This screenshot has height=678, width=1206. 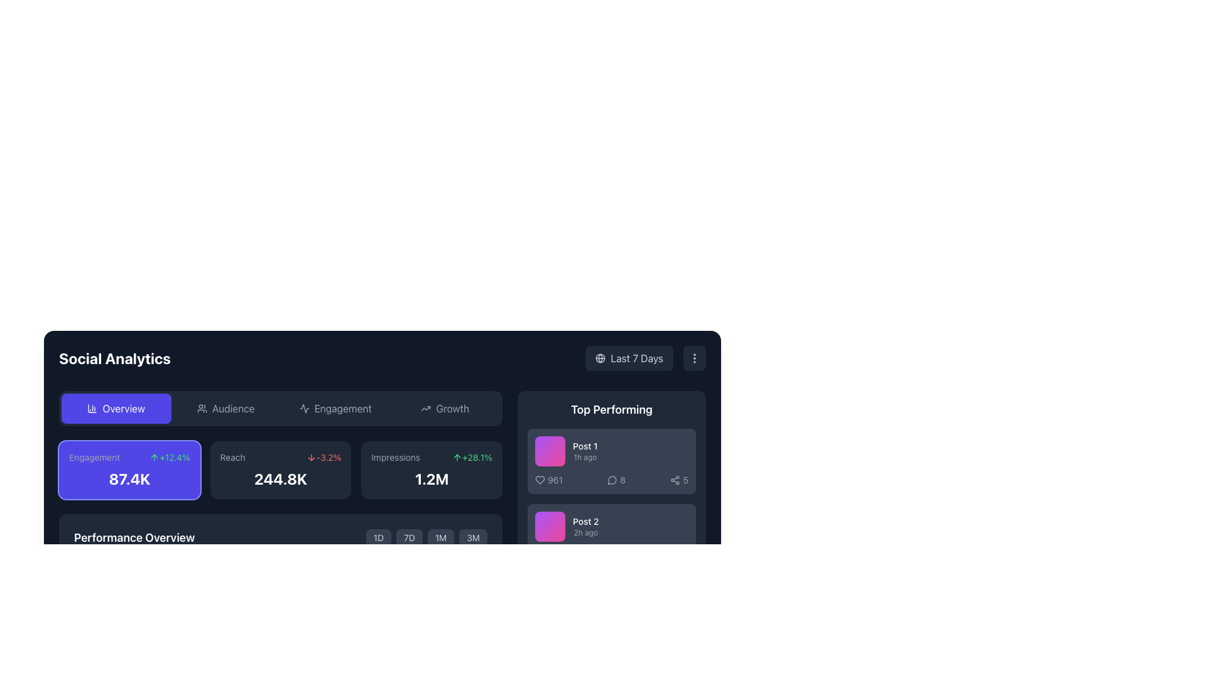 What do you see at coordinates (92, 409) in the screenshot?
I see `the chart or analytics overview icon located on the left side of the 'Overview' button at the top left of the main content area` at bounding box center [92, 409].